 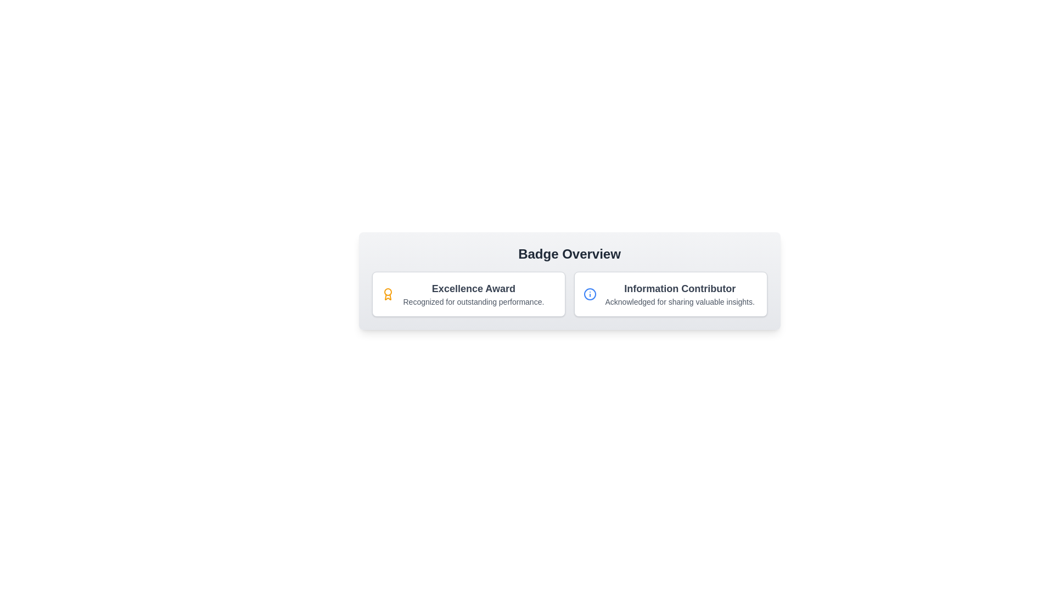 I want to click on the Text Display element labeled 'Excellence Award' which has a larger, bold font and is accompanied by a smaller description below it, located towards the left side of the badge list, so click(x=473, y=294).